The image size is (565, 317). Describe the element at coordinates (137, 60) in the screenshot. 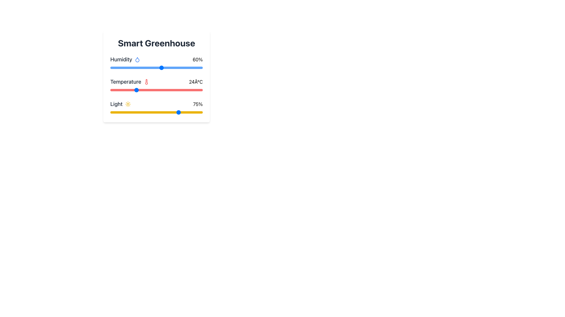

I see `the droplet icon representing humidity in the 'Smart Greenhouse' interface, which is positioned to the right of the 'Humidity' text` at that location.